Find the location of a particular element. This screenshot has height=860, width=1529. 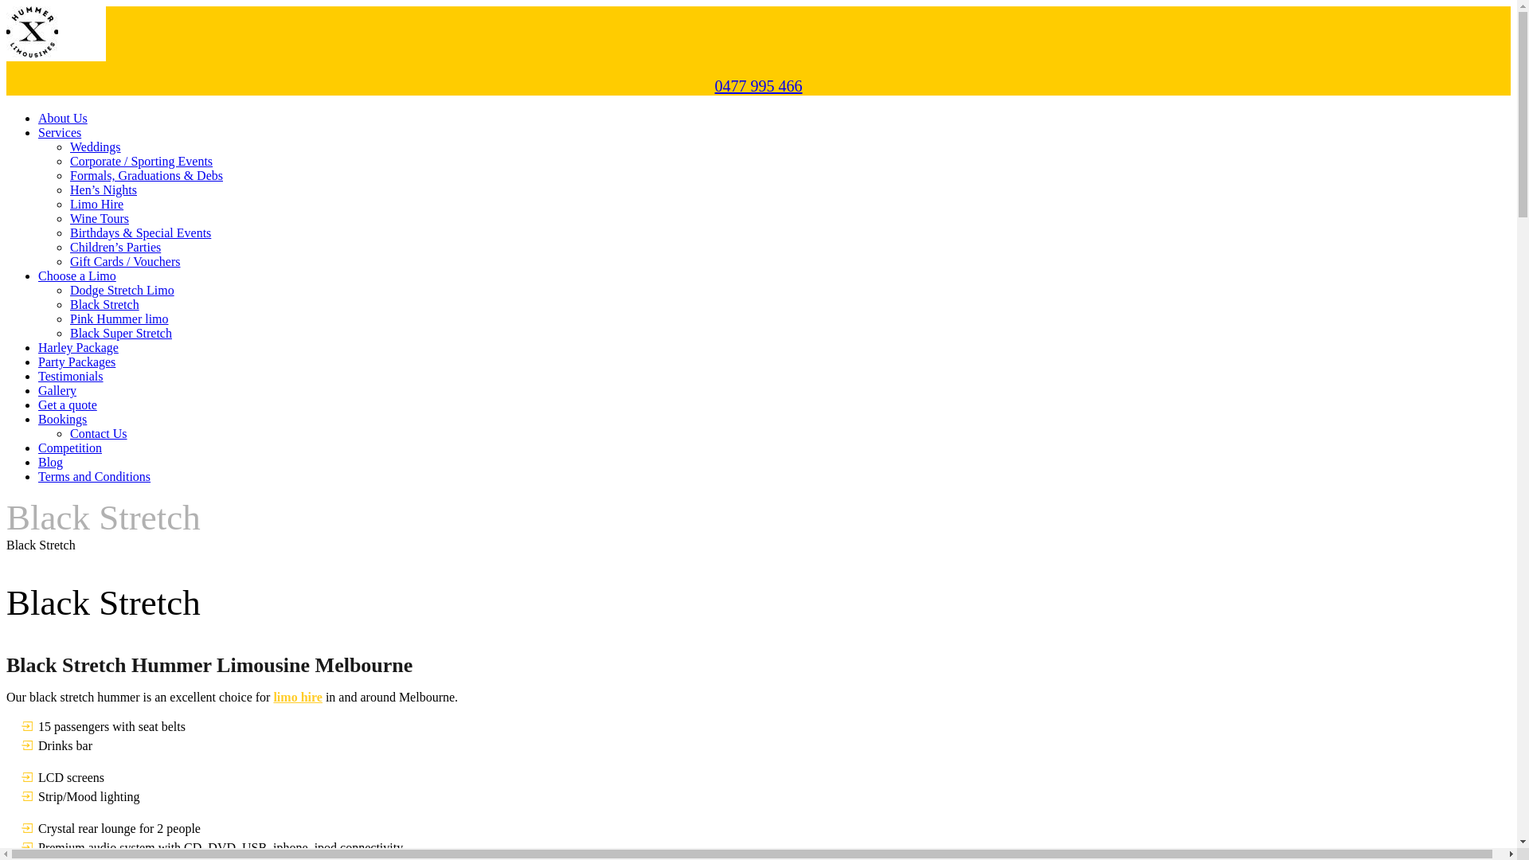

'Competition' is located at coordinates (38, 448).